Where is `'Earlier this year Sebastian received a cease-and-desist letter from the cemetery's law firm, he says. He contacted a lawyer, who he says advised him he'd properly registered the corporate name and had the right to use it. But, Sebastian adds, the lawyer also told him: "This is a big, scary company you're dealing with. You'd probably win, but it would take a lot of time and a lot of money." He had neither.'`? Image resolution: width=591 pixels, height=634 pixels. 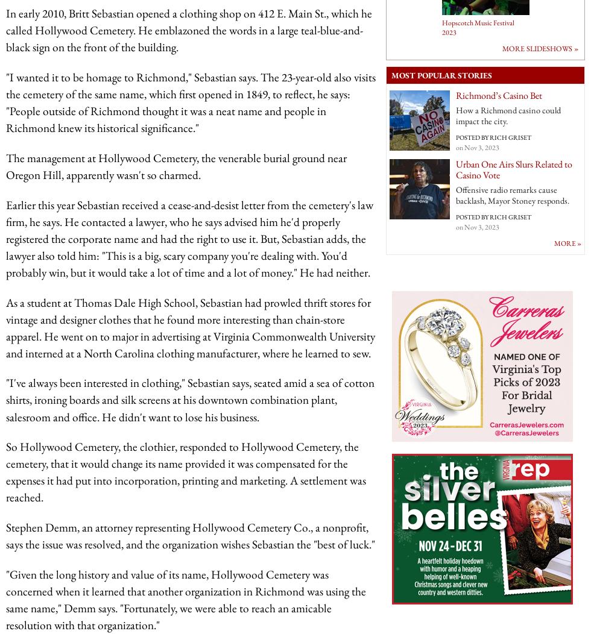
'Earlier this year Sebastian received a cease-and-desist letter from the cemetery's law firm, he says. He contacted a lawyer, who he says advised him he'd properly registered the corporate name and had the right to use it. But, Sebastian adds, the lawyer also told him: "This is a big, scary company you're dealing with. You'd probably win, but it would take a lot of time and a lot of money." He had neither.' is located at coordinates (189, 237).